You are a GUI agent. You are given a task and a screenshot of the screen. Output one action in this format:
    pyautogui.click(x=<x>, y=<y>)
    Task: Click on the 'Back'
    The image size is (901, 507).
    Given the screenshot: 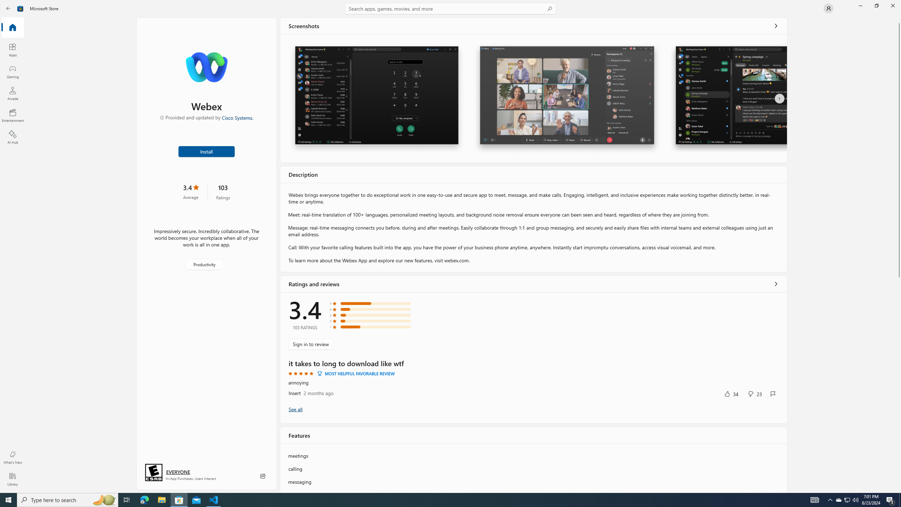 What is the action you would take?
    pyautogui.click(x=8, y=8)
    